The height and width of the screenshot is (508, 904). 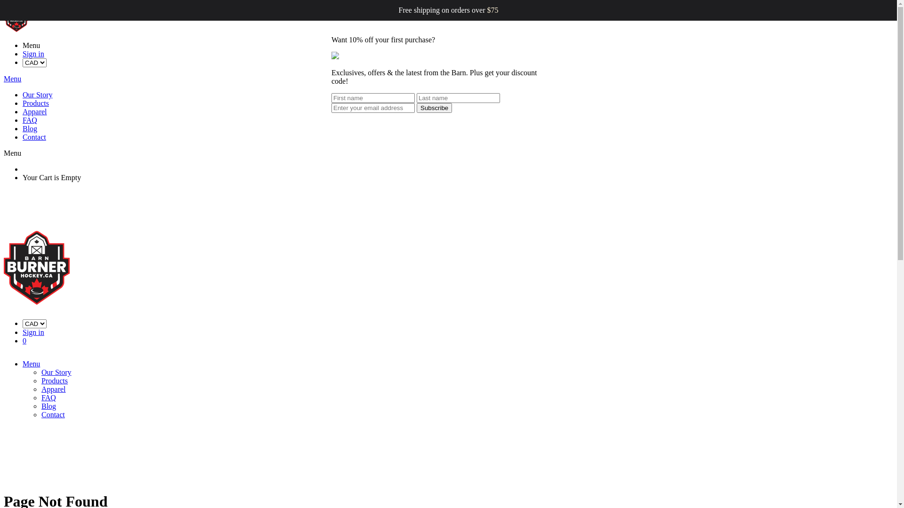 What do you see at coordinates (38, 95) in the screenshot?
I see `'Our Story'` at bounding box center [38, 95].